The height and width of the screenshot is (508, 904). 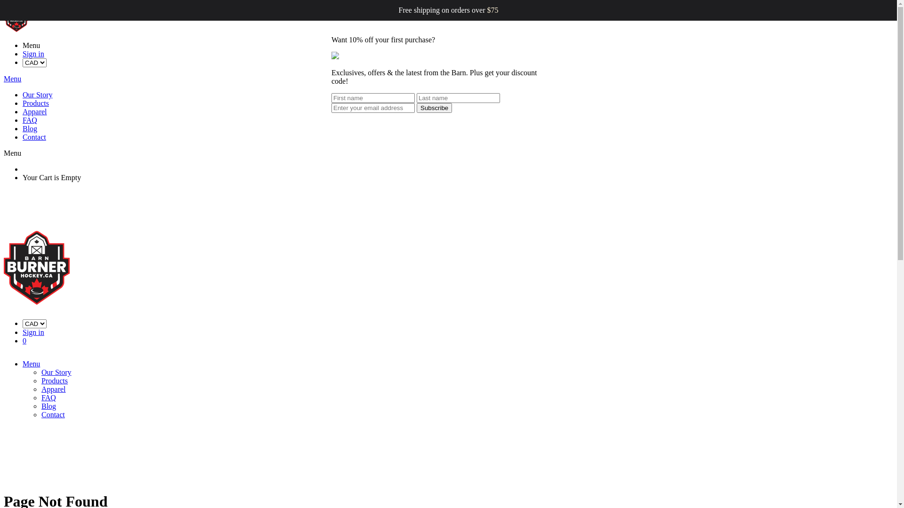 What do you see at coordinates (38, 95) in the screenshot?
I see `'Our Story'` at bounding box center [38, 95].